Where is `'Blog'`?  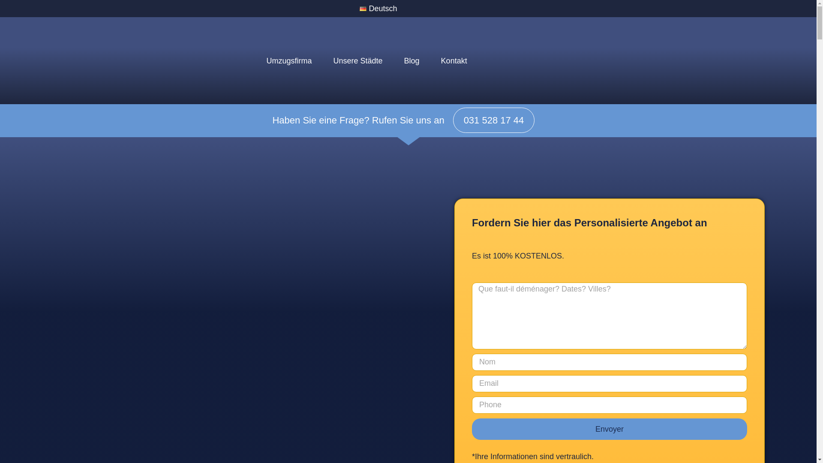
'Blog' is located at coordinates (411, 60).